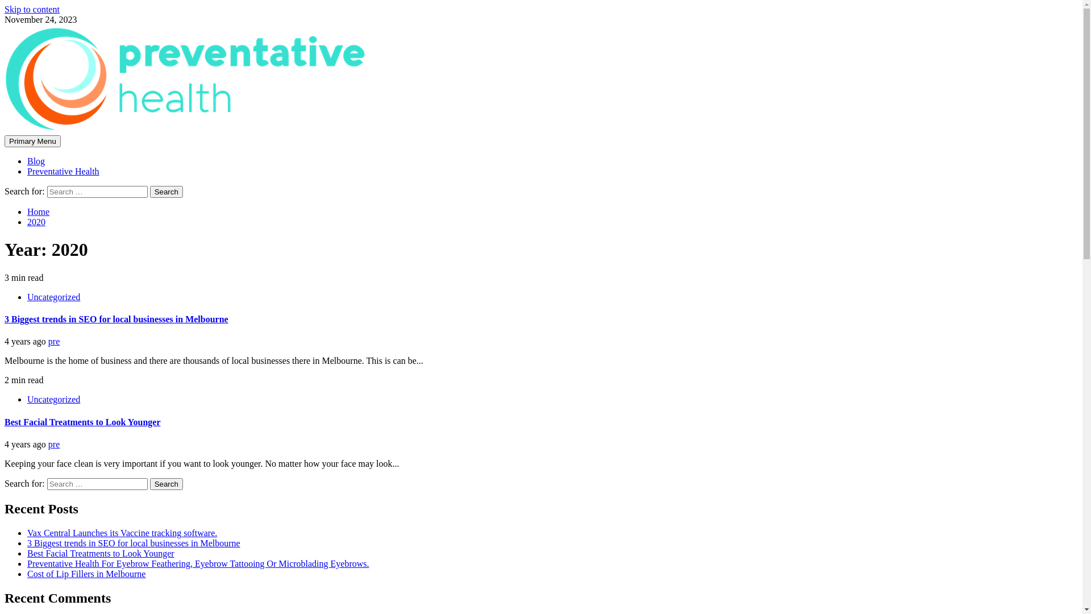 The height and width of the screenshot is (614, 1091). What do you see at coordinates (53, 341) in the screenshot?
I see `'pre'` at bounding box center [53, 341].